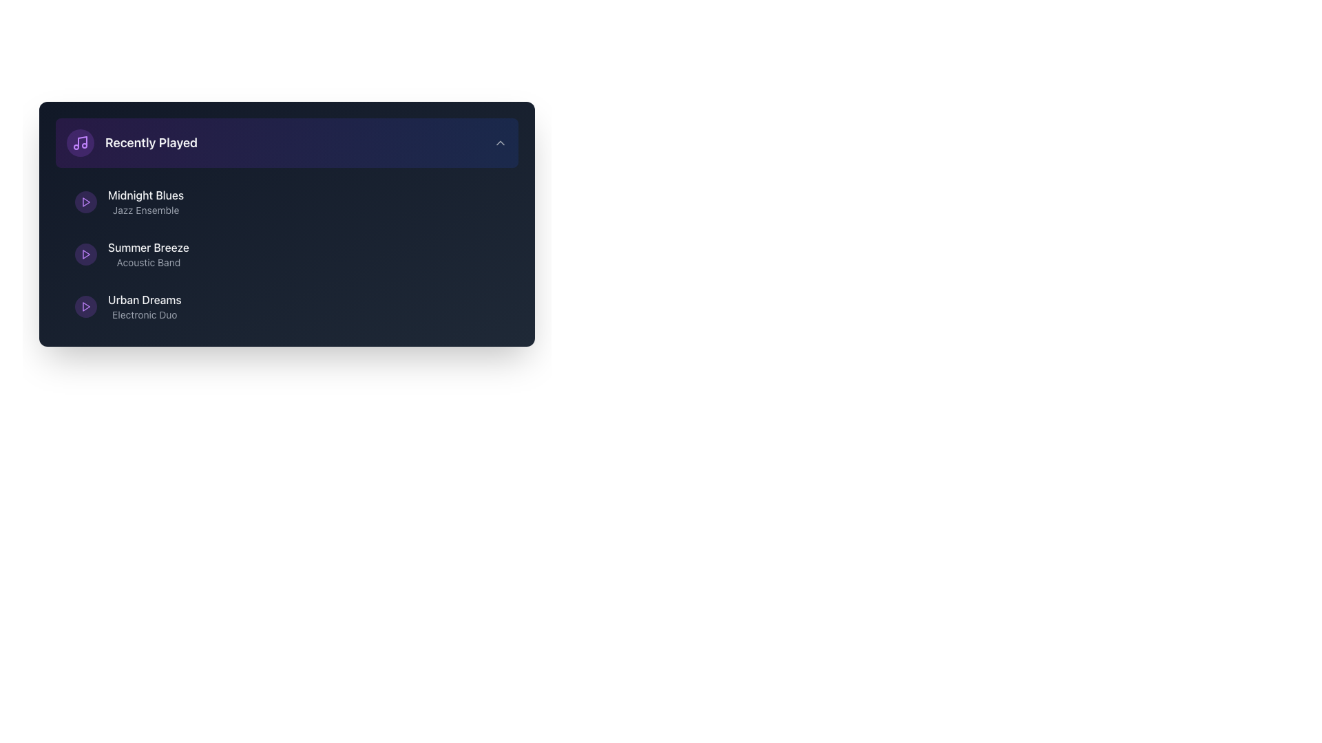  I want to click on the play button located to the left of the text group containing 'Midnight Blues' and 'Jazz Ensemble', so click(85, 202).